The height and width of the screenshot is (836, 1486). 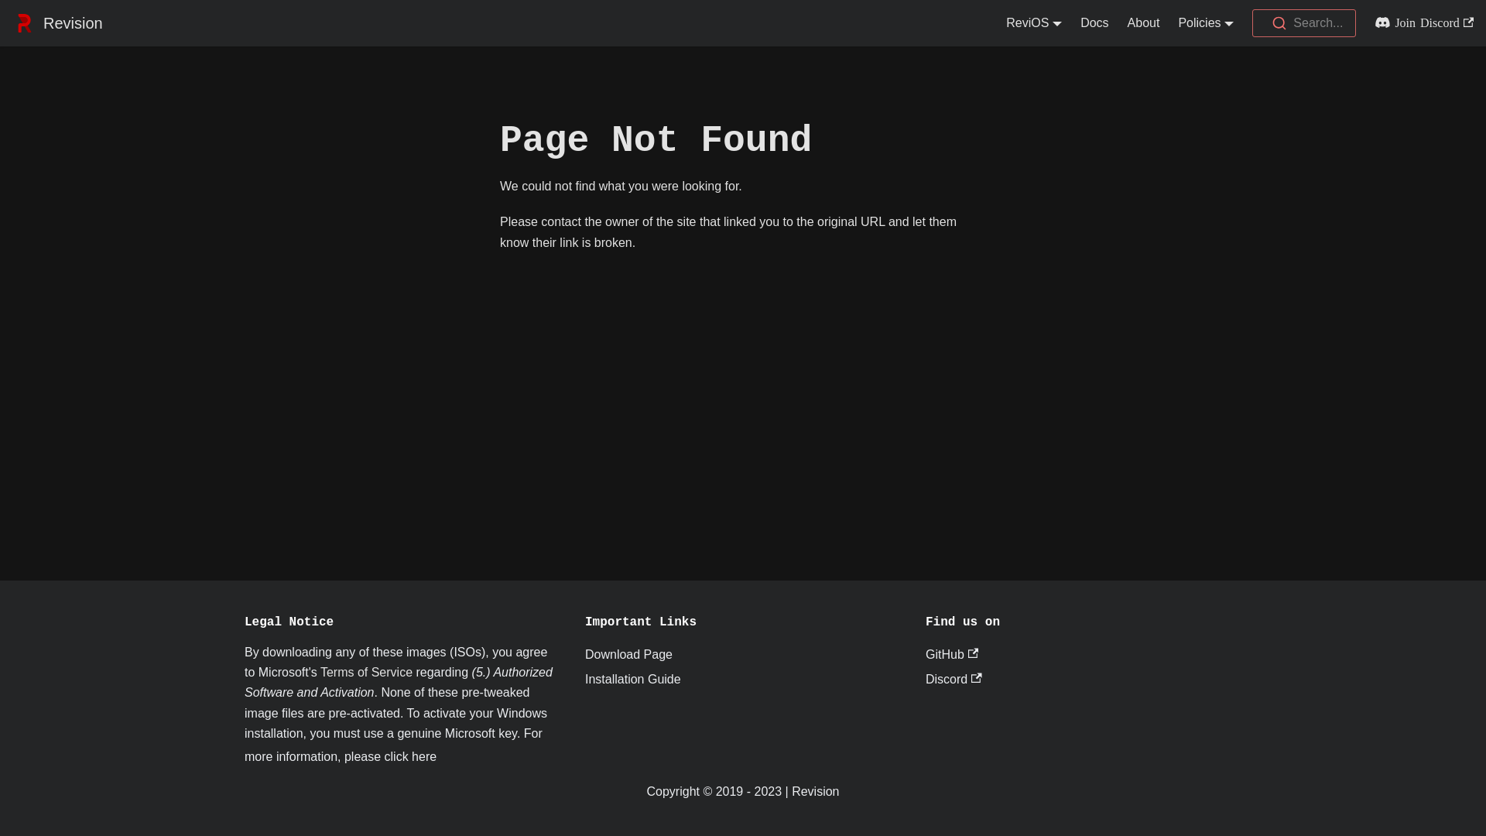 What do you see at coordinates (1251, 23) in the screenshot?
I see `'Search...'` at bounding box center [1251, 23].